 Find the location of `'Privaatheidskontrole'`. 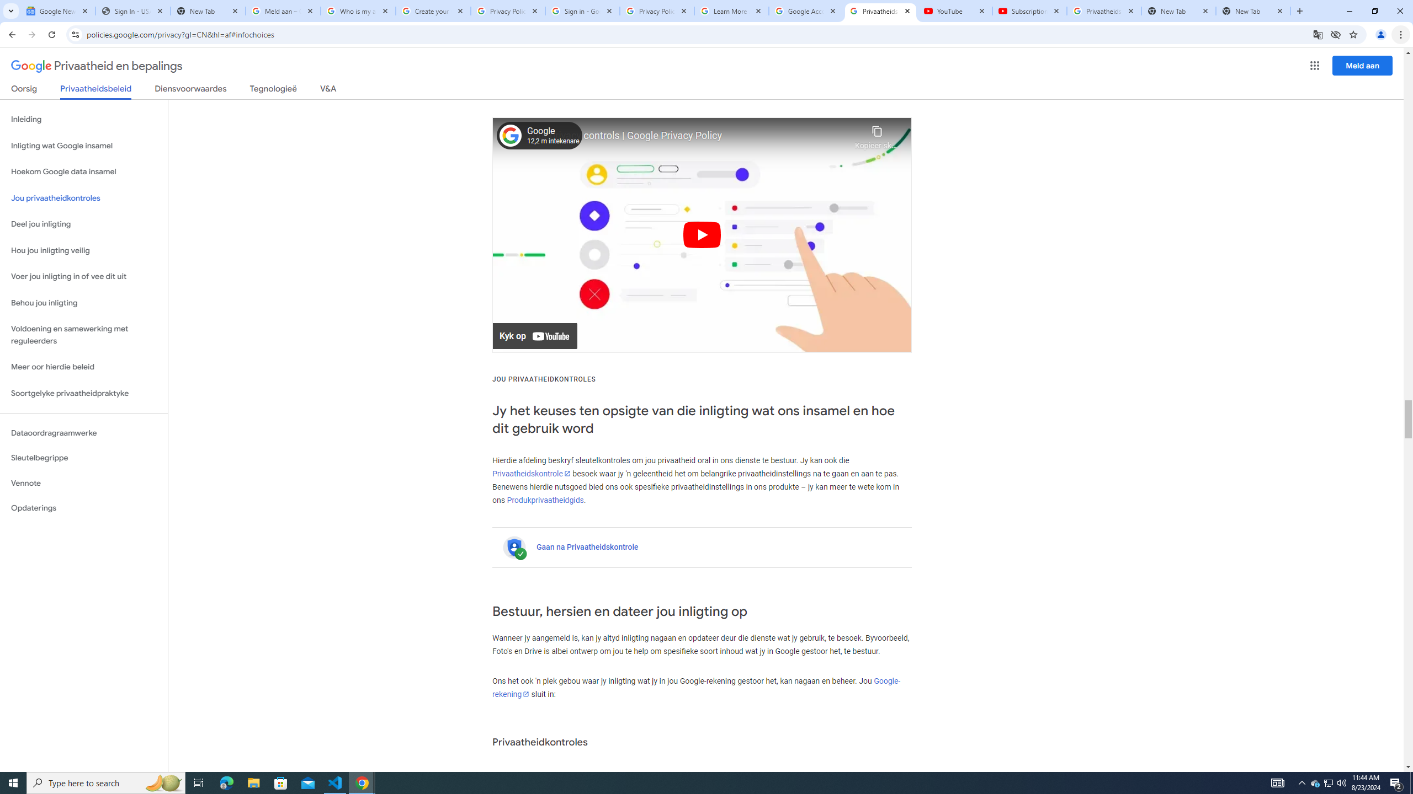

'Privaatheidskontrole' is located at coordinates (531, 473).